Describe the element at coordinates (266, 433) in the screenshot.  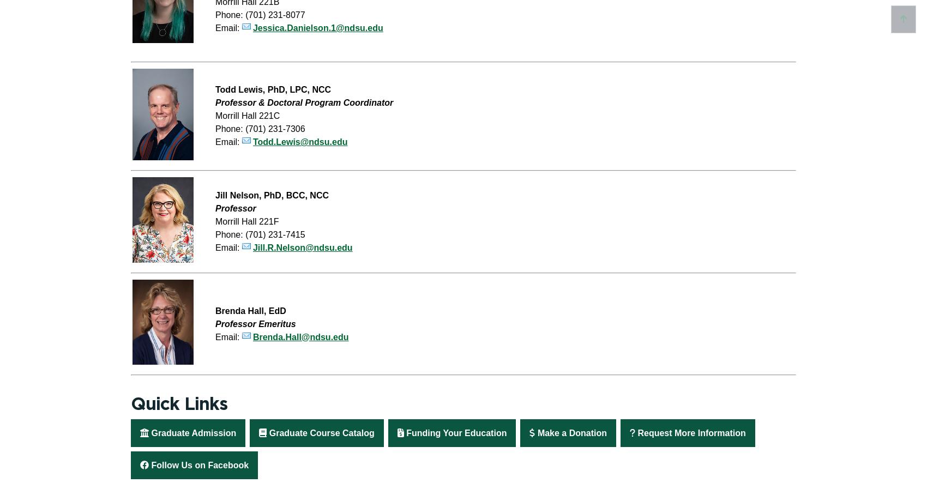
I see `'Graduate Course Catalog'` at that location.